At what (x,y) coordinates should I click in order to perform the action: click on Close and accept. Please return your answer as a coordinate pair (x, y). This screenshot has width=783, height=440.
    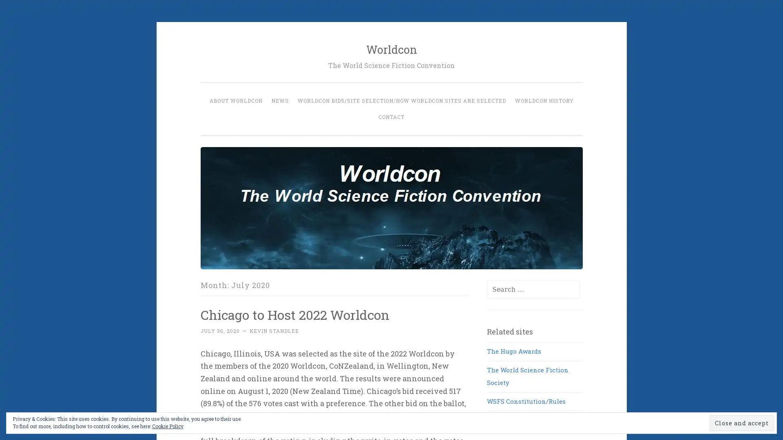
    Looking at the image, I should click on (742, 422).